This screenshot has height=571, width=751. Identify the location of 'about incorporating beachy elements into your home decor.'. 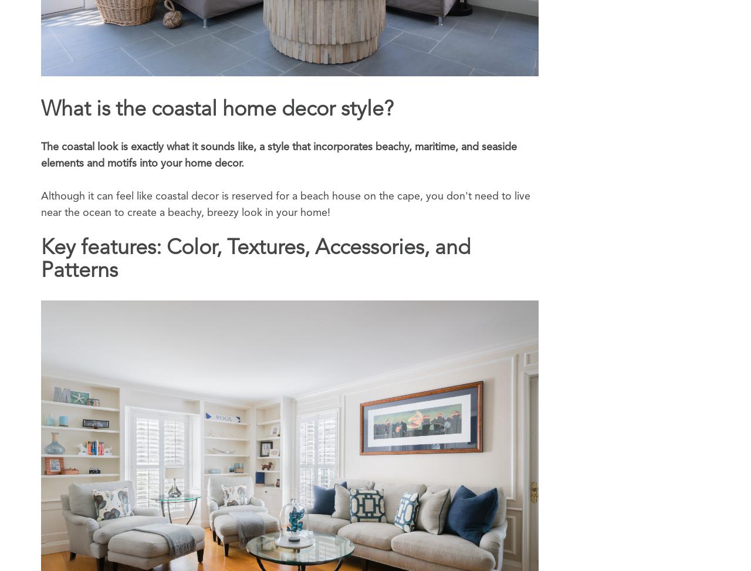
(279, 38).